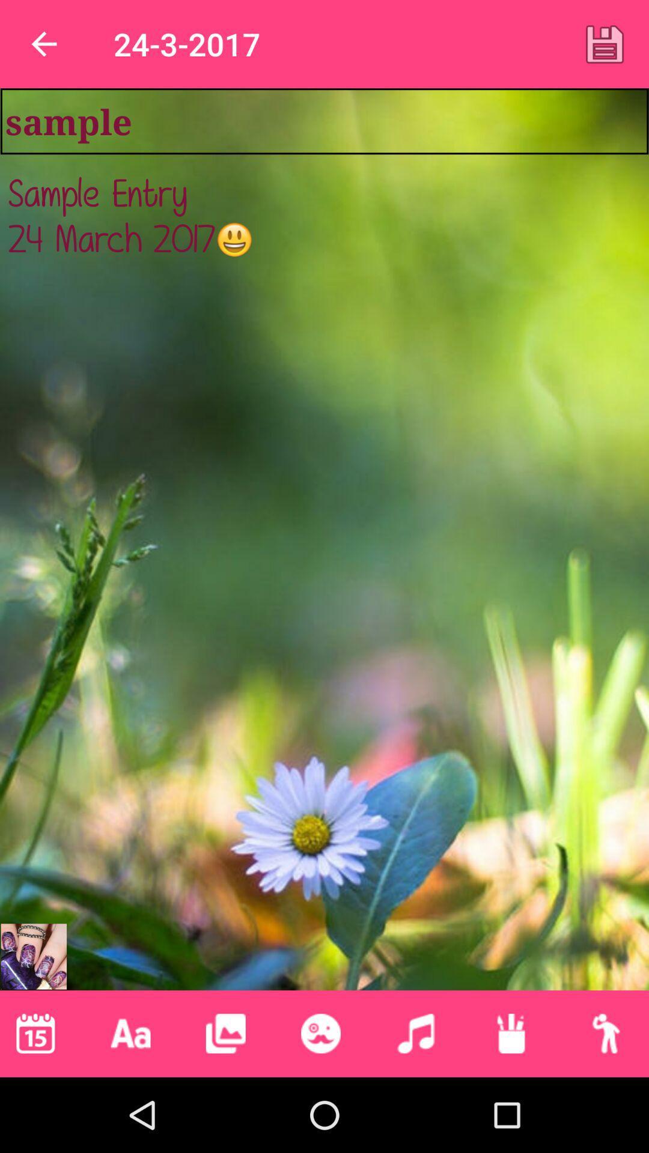  I want to click on tap icon for paint, so click(511, 1033).